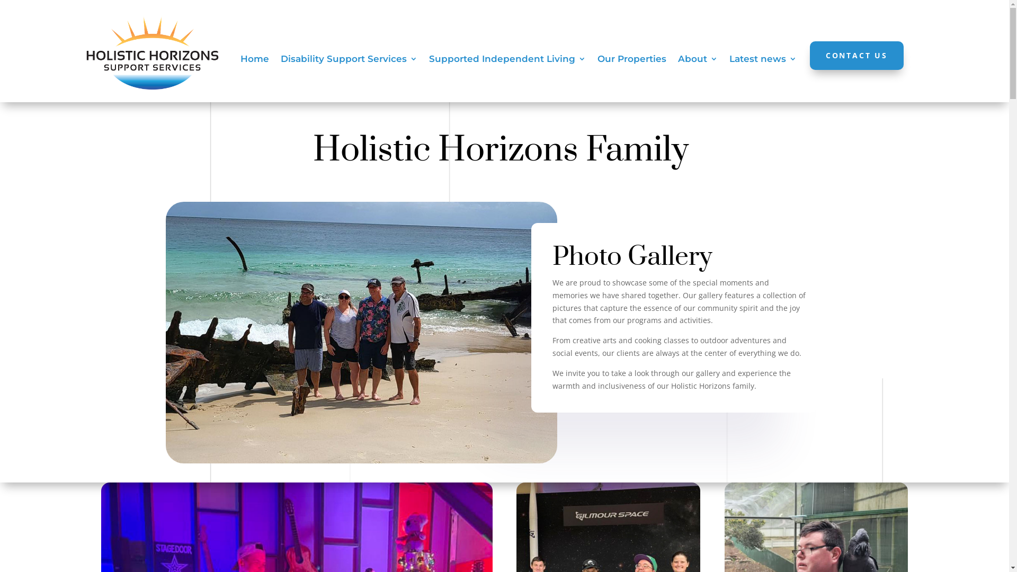  Describe the element at coordinates (632, 61) in the screenshot. I see `'Our Properties'` at that location.